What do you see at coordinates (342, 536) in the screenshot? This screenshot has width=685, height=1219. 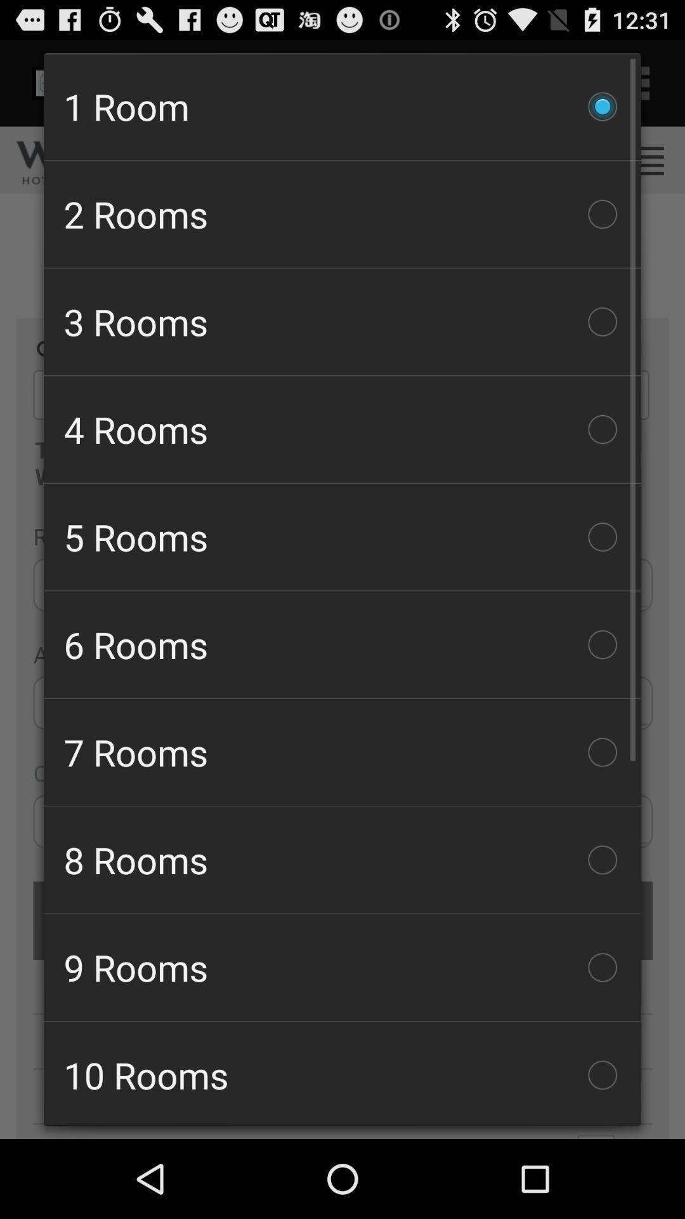 I see `checkbox below 4 rooms icon` at bounding box center [342, 536].